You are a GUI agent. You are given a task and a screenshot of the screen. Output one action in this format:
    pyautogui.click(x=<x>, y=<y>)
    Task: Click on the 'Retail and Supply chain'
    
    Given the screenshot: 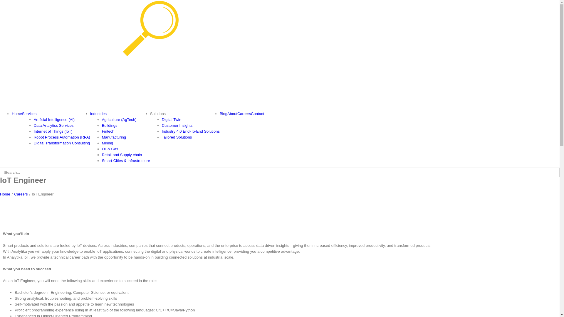 What is the action you would take?
    pyautogui.click(x=102, y=154)
    